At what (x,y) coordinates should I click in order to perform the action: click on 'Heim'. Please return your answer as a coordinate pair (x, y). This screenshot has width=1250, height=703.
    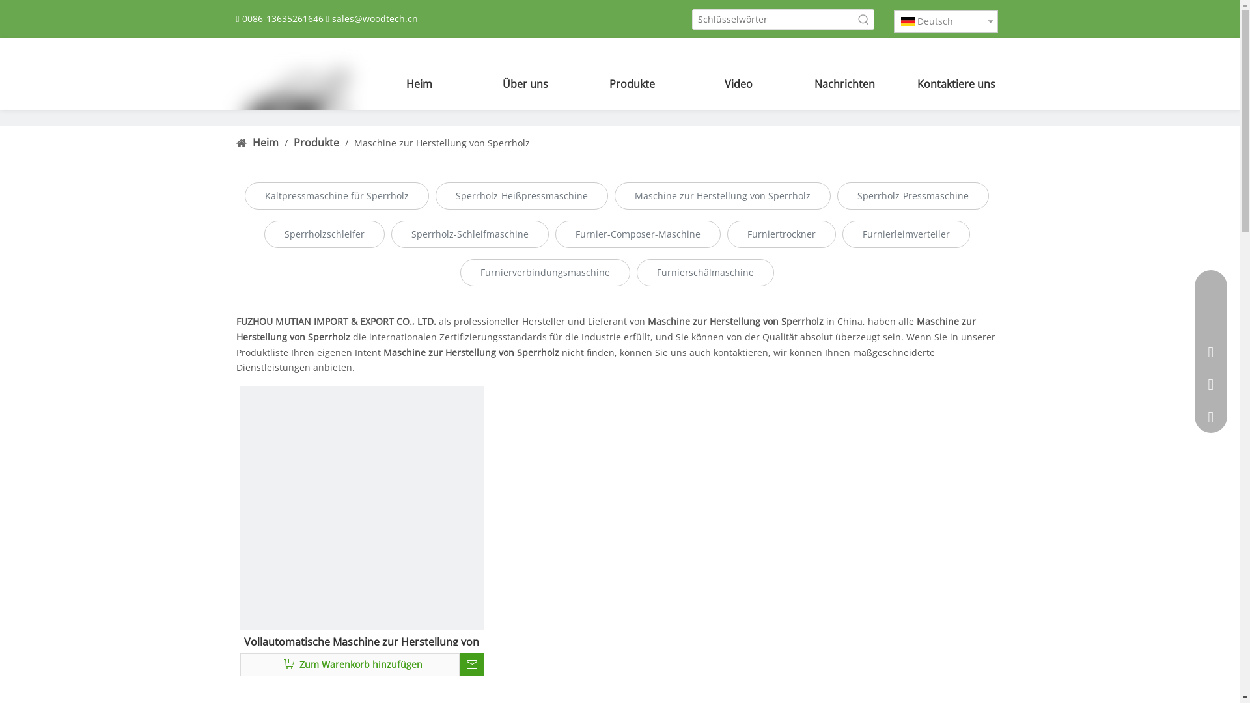
    Looking at the image, I should click on (419, 83).